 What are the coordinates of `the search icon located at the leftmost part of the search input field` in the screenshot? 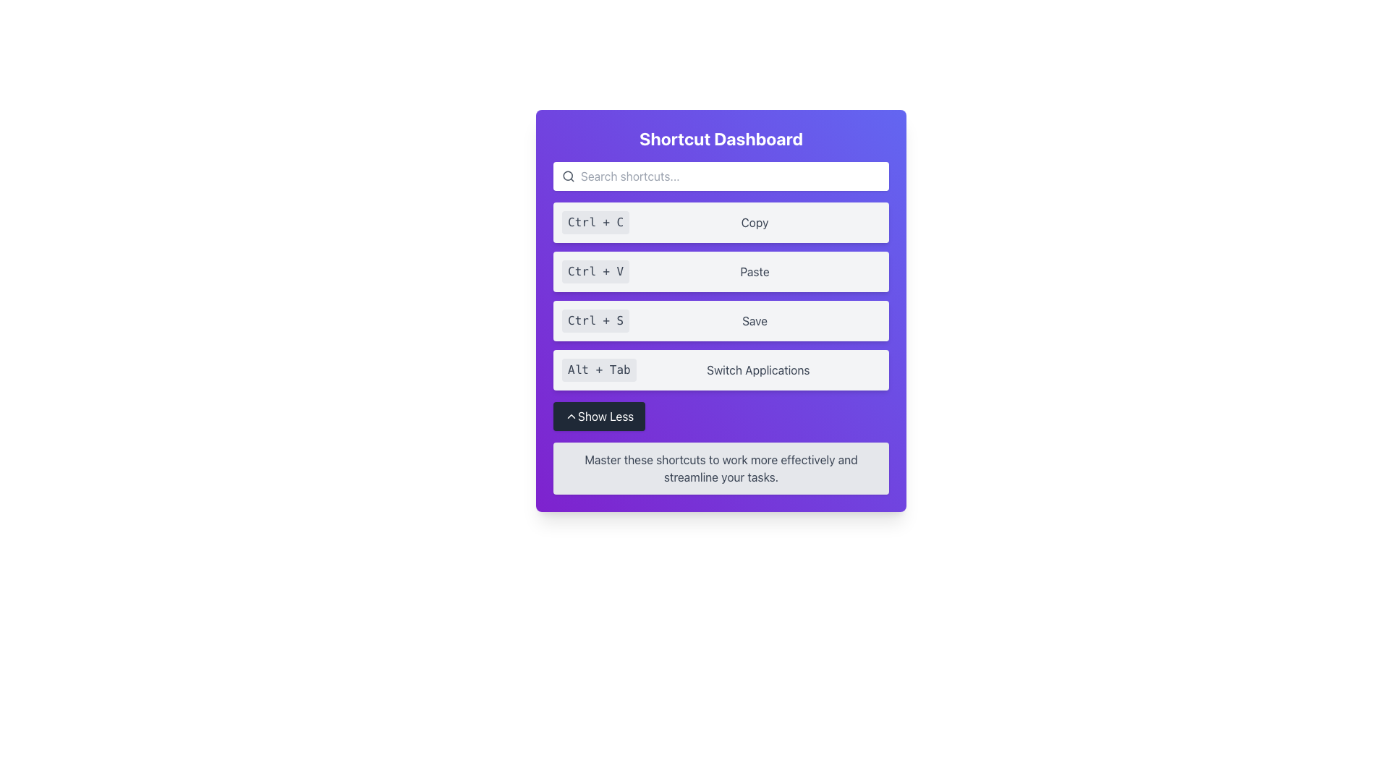 It's located at (568, 175).